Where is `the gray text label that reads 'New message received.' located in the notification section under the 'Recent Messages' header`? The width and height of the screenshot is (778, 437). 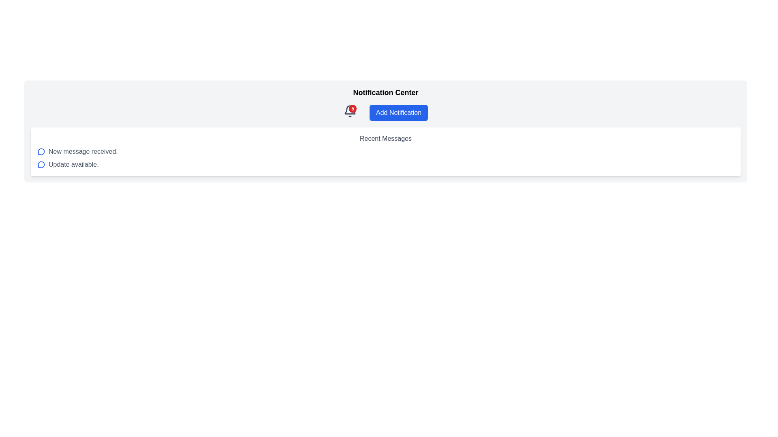 the gray text label that reads 'New message received.' located in the notification section under the 'Recent Messages' header is located at coordinates (83, 151).